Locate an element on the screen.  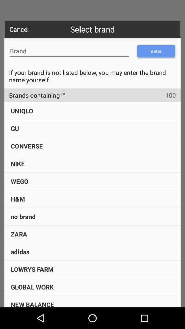
the uniqlo item is located at coordinates (22, 111).